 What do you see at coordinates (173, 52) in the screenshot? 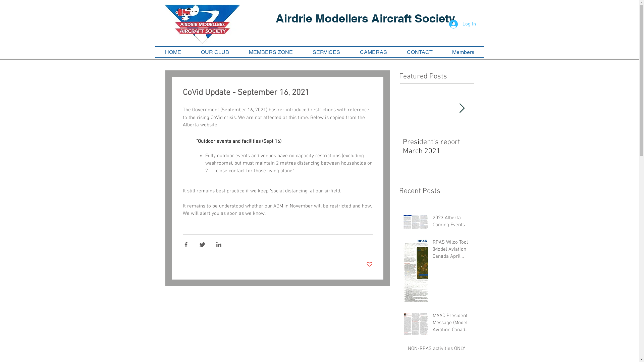
I see `'HOME'` at bounding box center [173, 52].